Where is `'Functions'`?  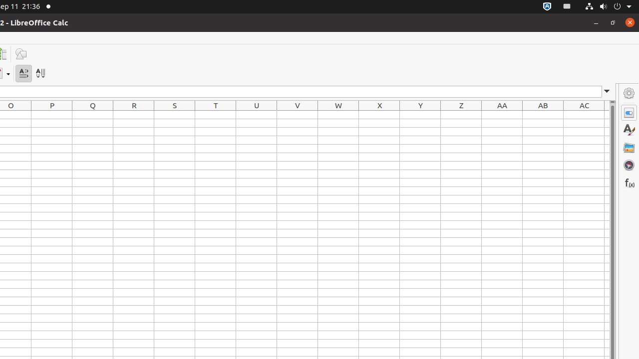 'Functions' is located at coordinates (629, 182).